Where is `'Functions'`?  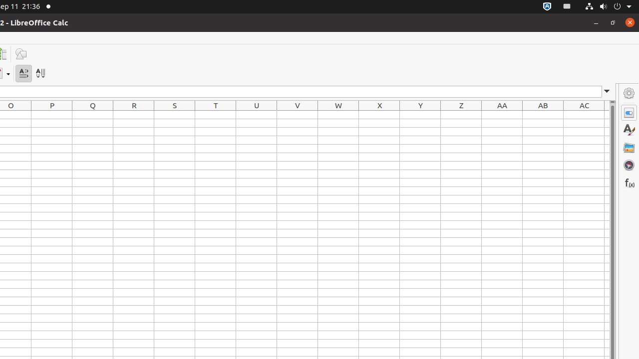 'Functions' is located at coordinates (629, 182).